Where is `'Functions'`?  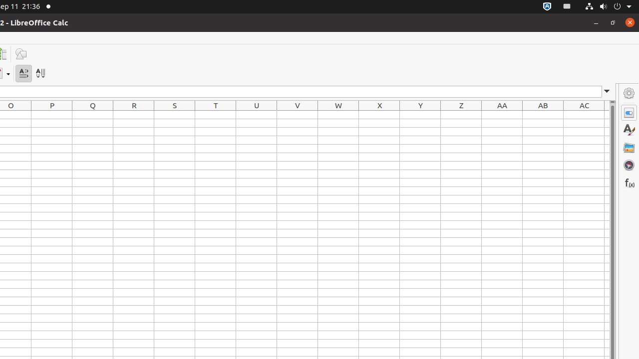 'Functions' is located at coordinates (629, 182).